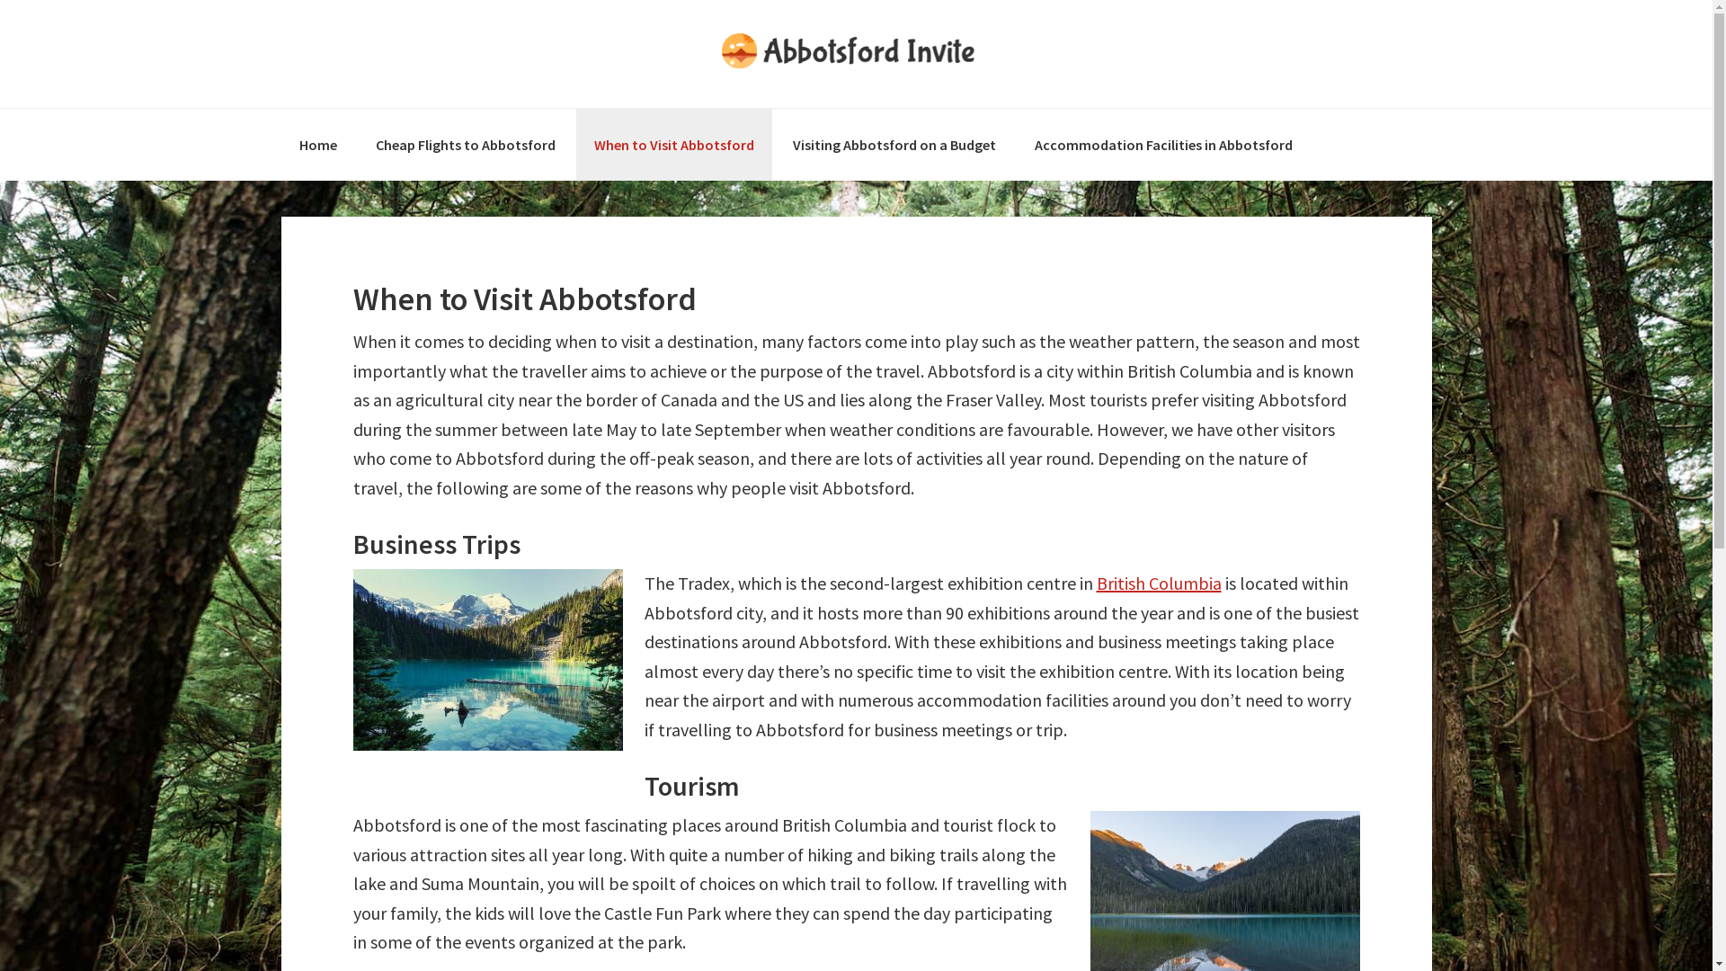 This screenshot has height=971, width=1726. I want to click on 'British Columbia', so click(1159, 583).